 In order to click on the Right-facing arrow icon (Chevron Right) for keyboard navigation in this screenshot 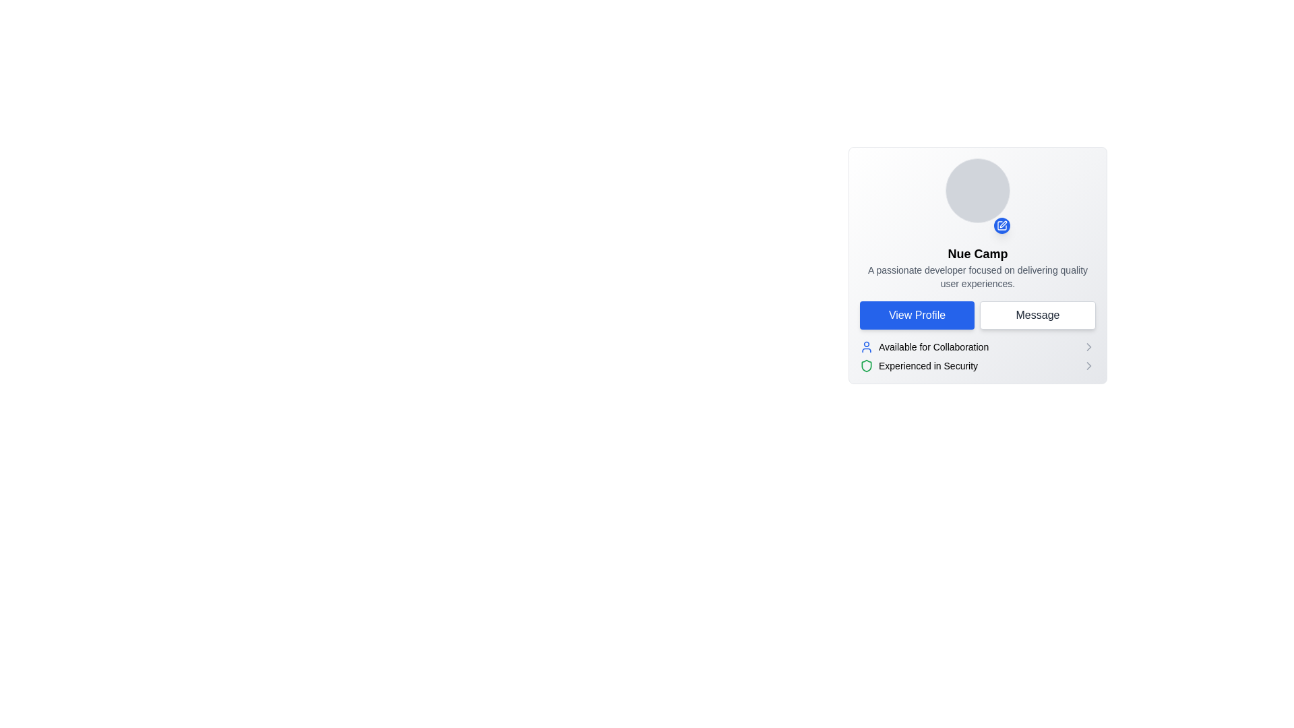, I will do `click(1089, 346)`.